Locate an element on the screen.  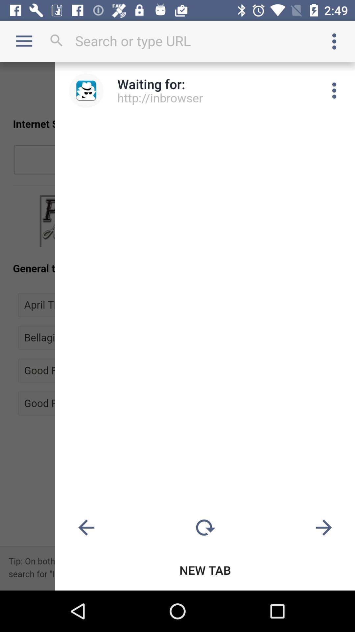
icon above the new tab icon is located at coordinates (205, 528).